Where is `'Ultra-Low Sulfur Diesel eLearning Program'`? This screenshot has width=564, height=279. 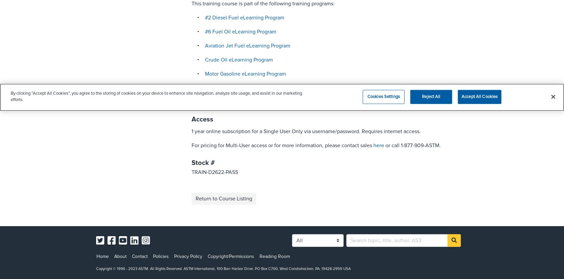
'Ultra-Low Sulfur Diesel eLearning Program' is located at coordinates (254, 102).